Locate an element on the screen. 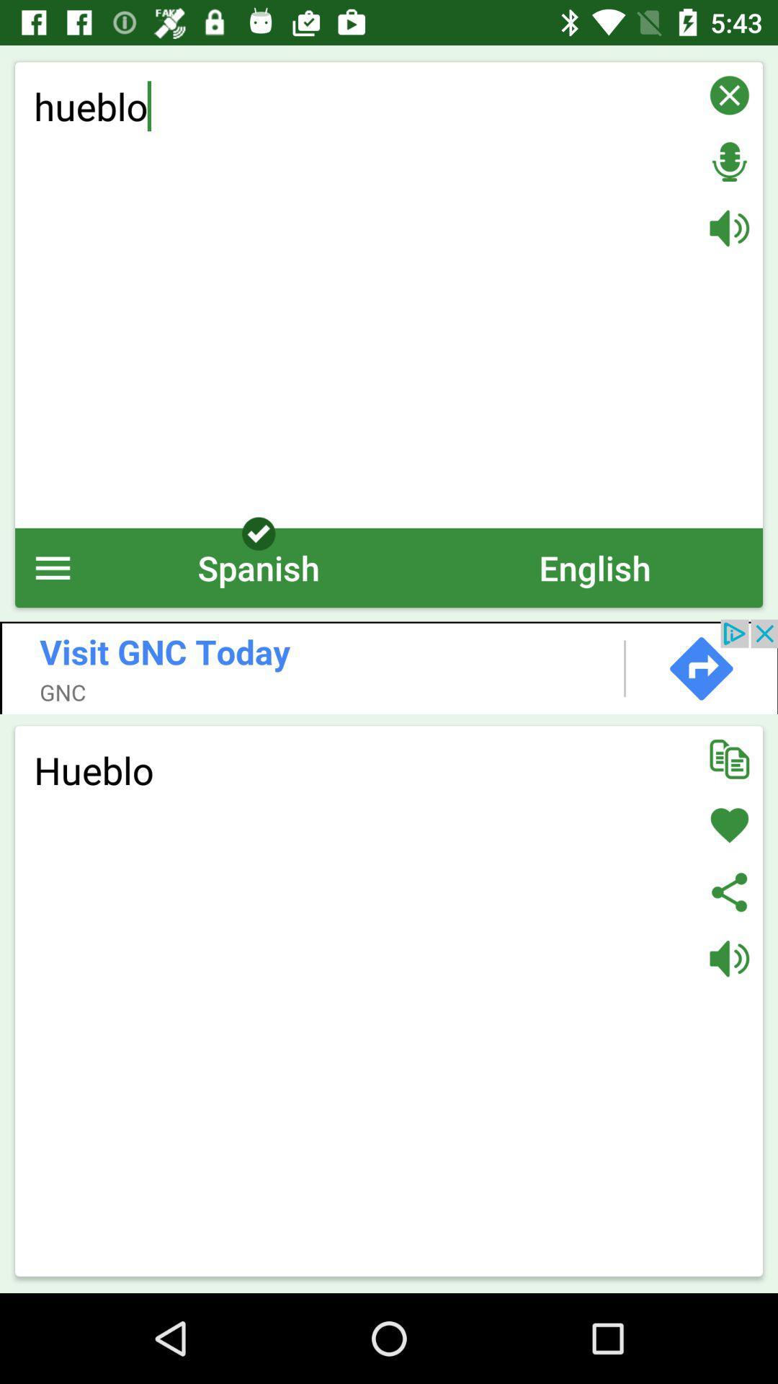 The width and height of the screenshot is (778, 1384). icon to the right of the spanish is located at coordinates (594, 567).